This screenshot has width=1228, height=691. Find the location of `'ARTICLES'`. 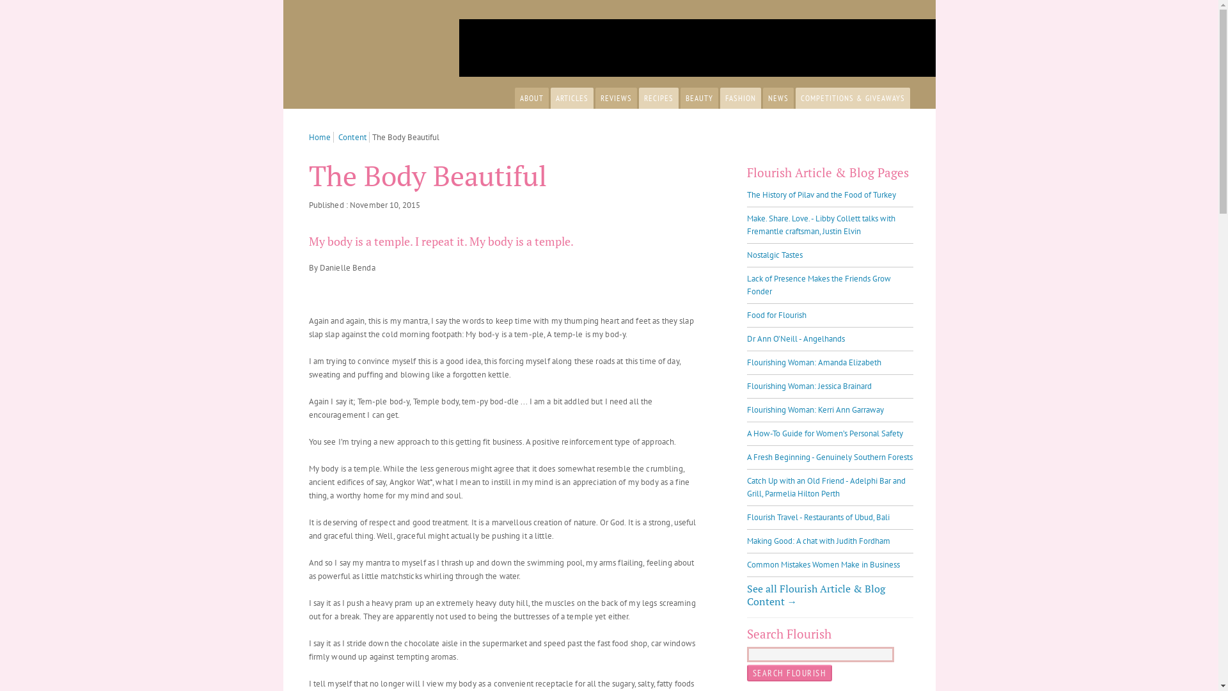

'ARTICLES' is located at coordinates (571, 97).